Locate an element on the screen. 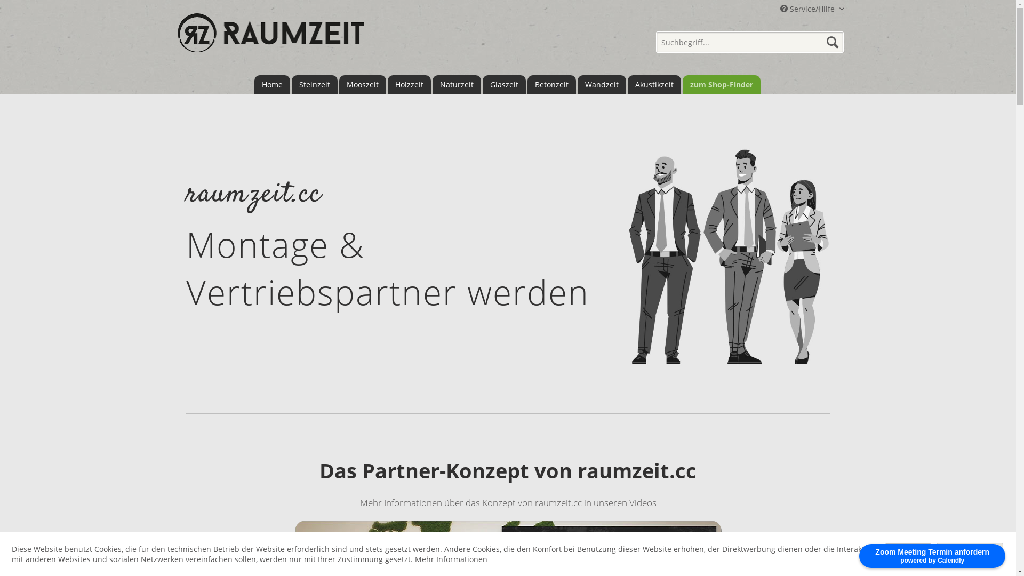 The width and height of the screenshot is (1024, 576). 'zum Shop-Finder' is located at coordinates (722, 84).